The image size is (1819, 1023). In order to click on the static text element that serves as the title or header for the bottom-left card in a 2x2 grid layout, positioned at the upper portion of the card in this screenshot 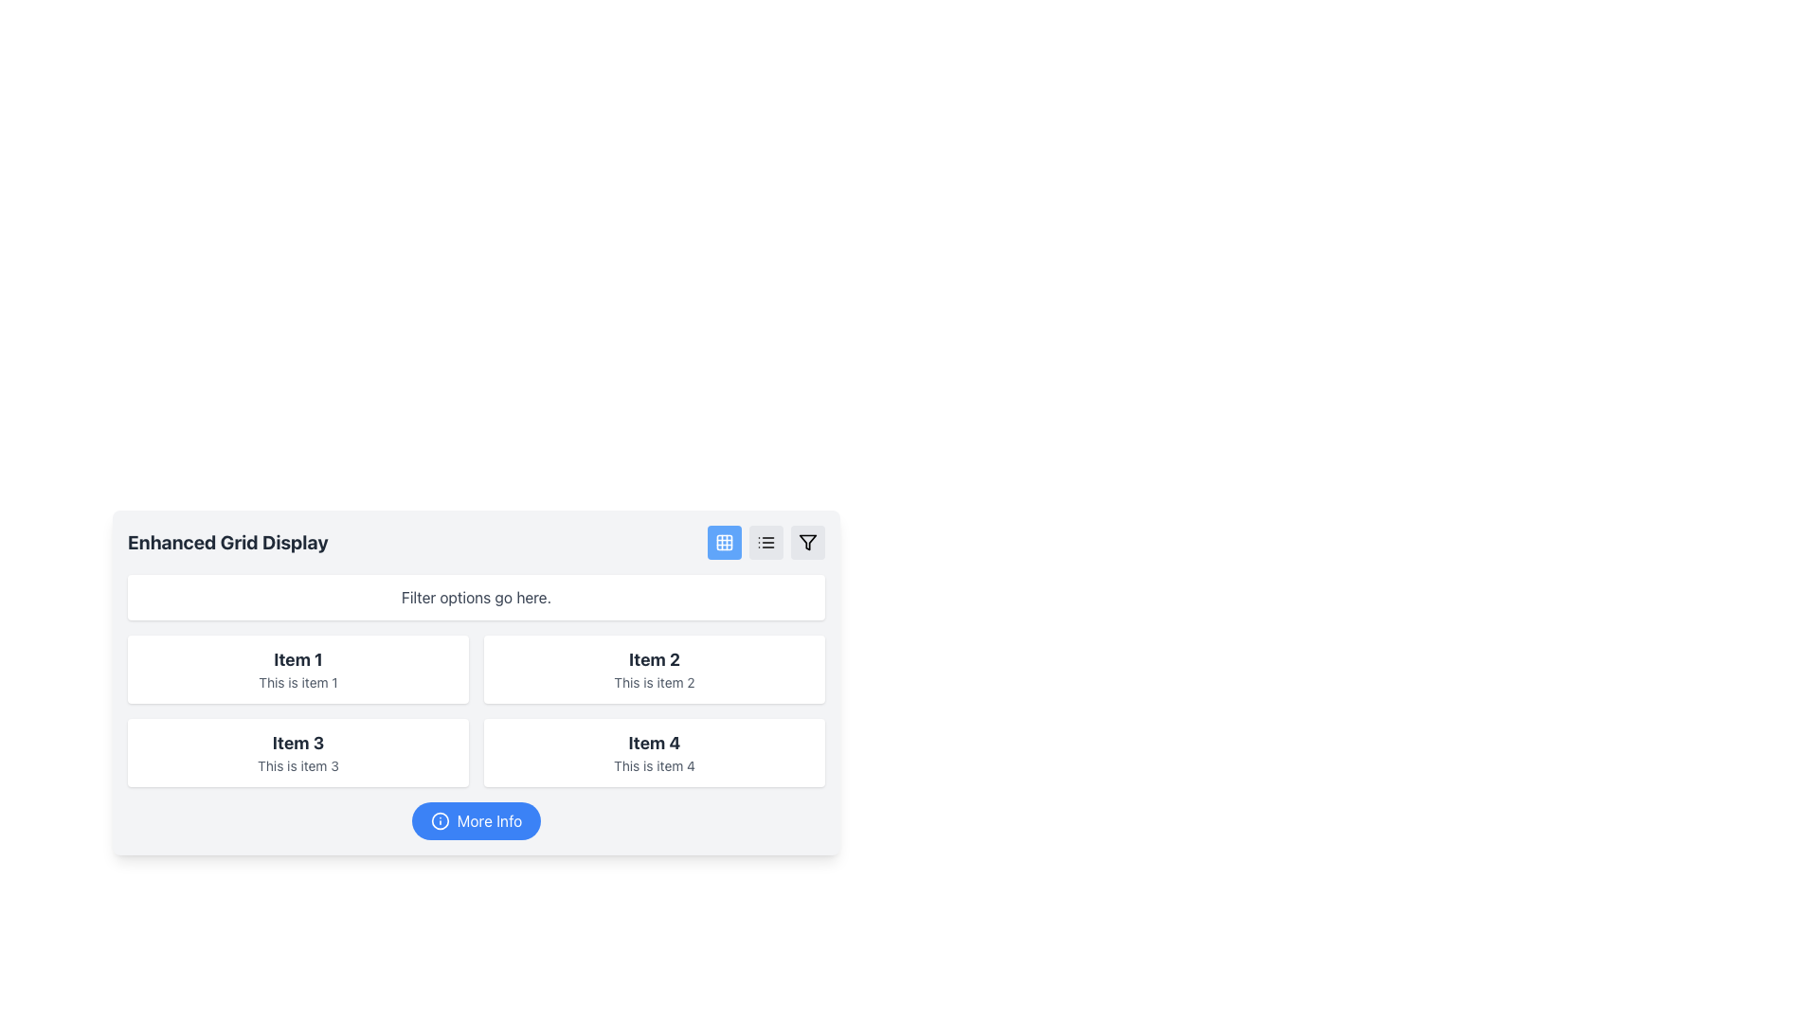, I will do `click(297, 743)`.